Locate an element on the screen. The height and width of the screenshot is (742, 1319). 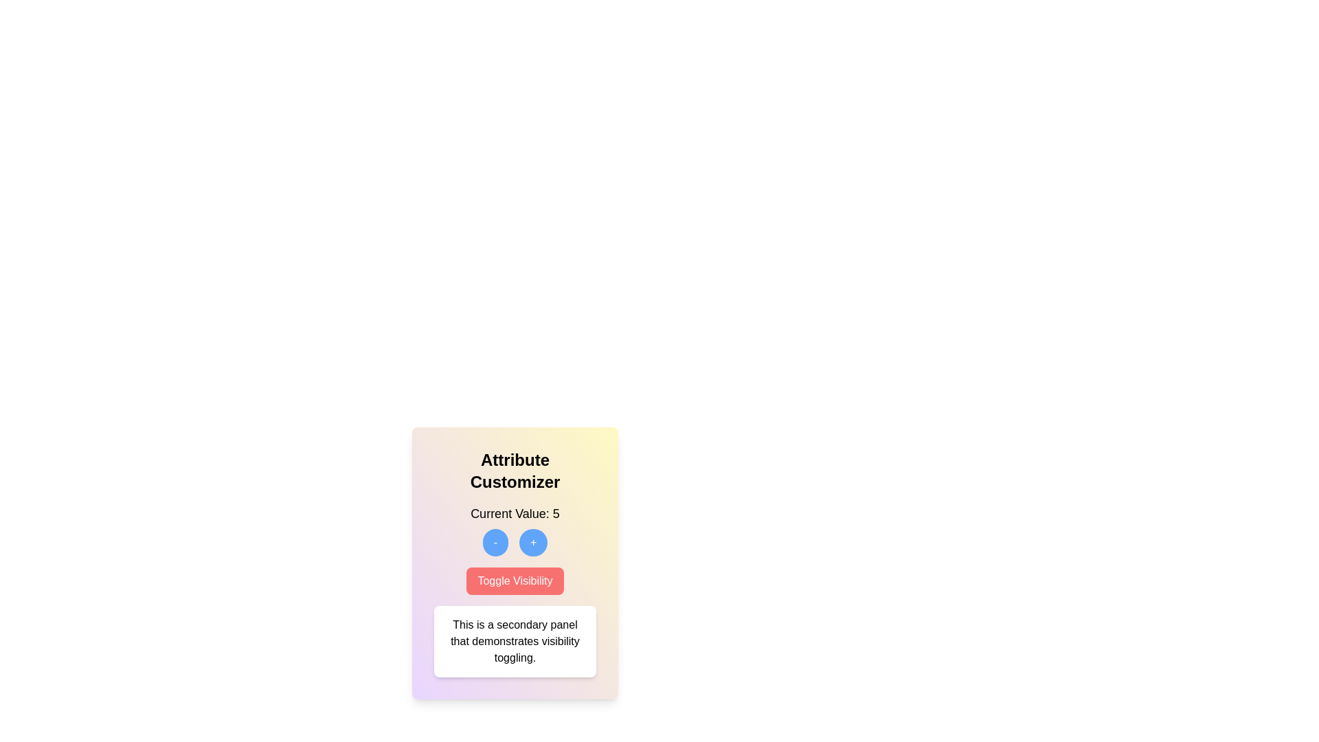
the leftmost decrement button located in the lower third of the interface panel to decrease the numeric value displayed elsewhere is located at coordinates (495, 542).